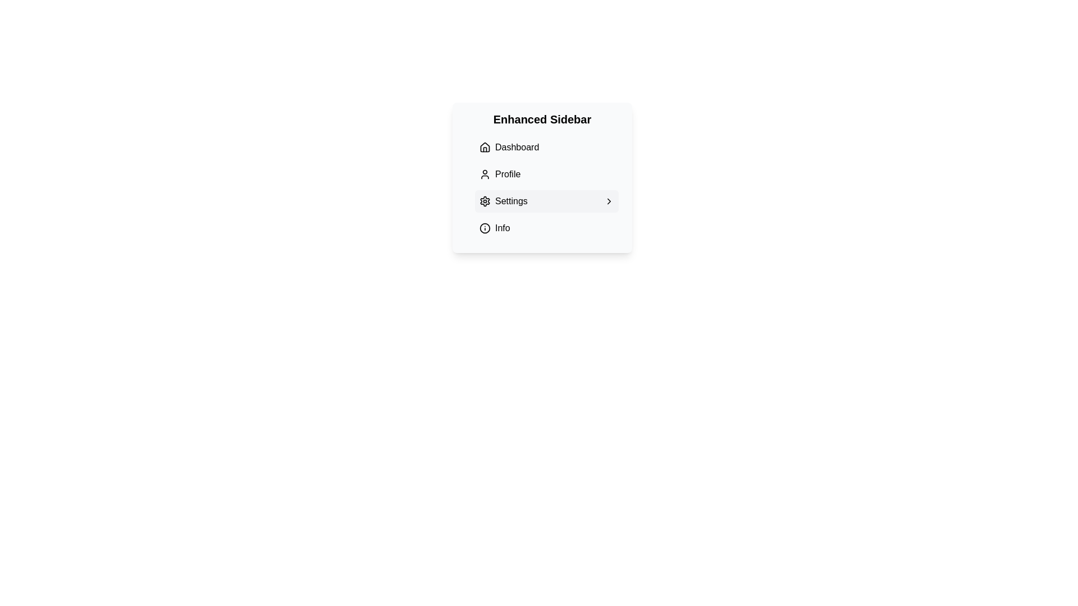  Describe the element at coordinates (542, 187) in the screenshot. I see `the third item` at that location.